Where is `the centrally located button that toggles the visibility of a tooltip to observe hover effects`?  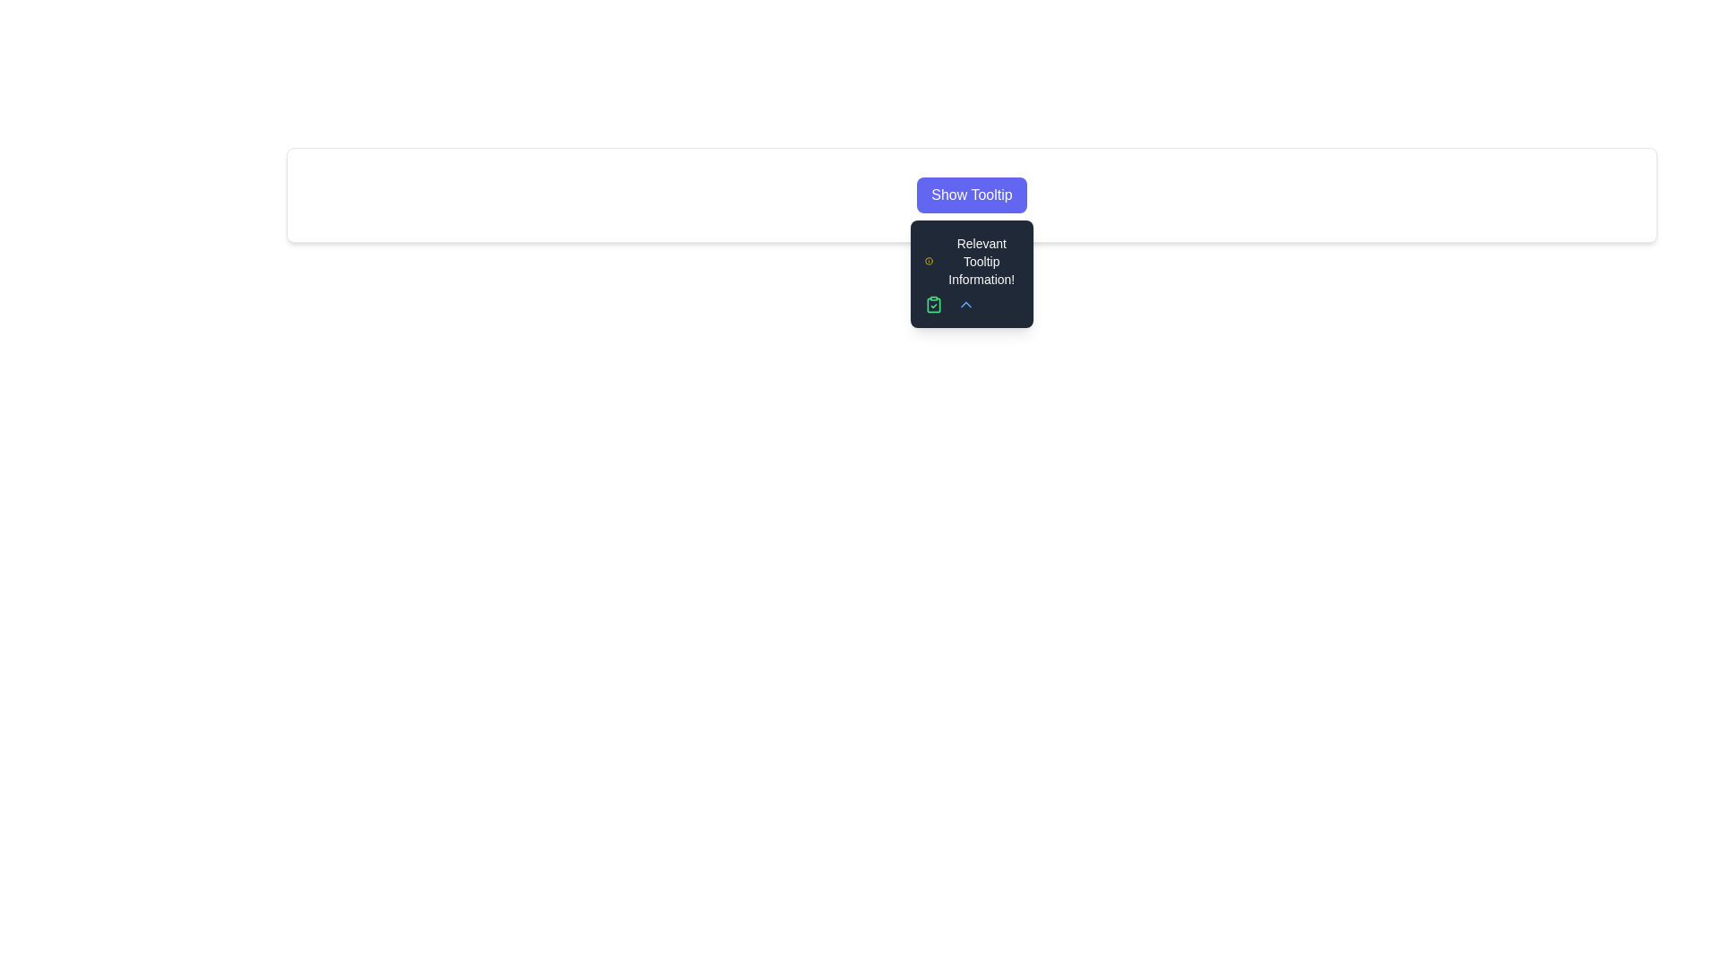 the centrally located button that toggles the visibility of a tooltip to observe hover effects is located at coordinates (971, 195).